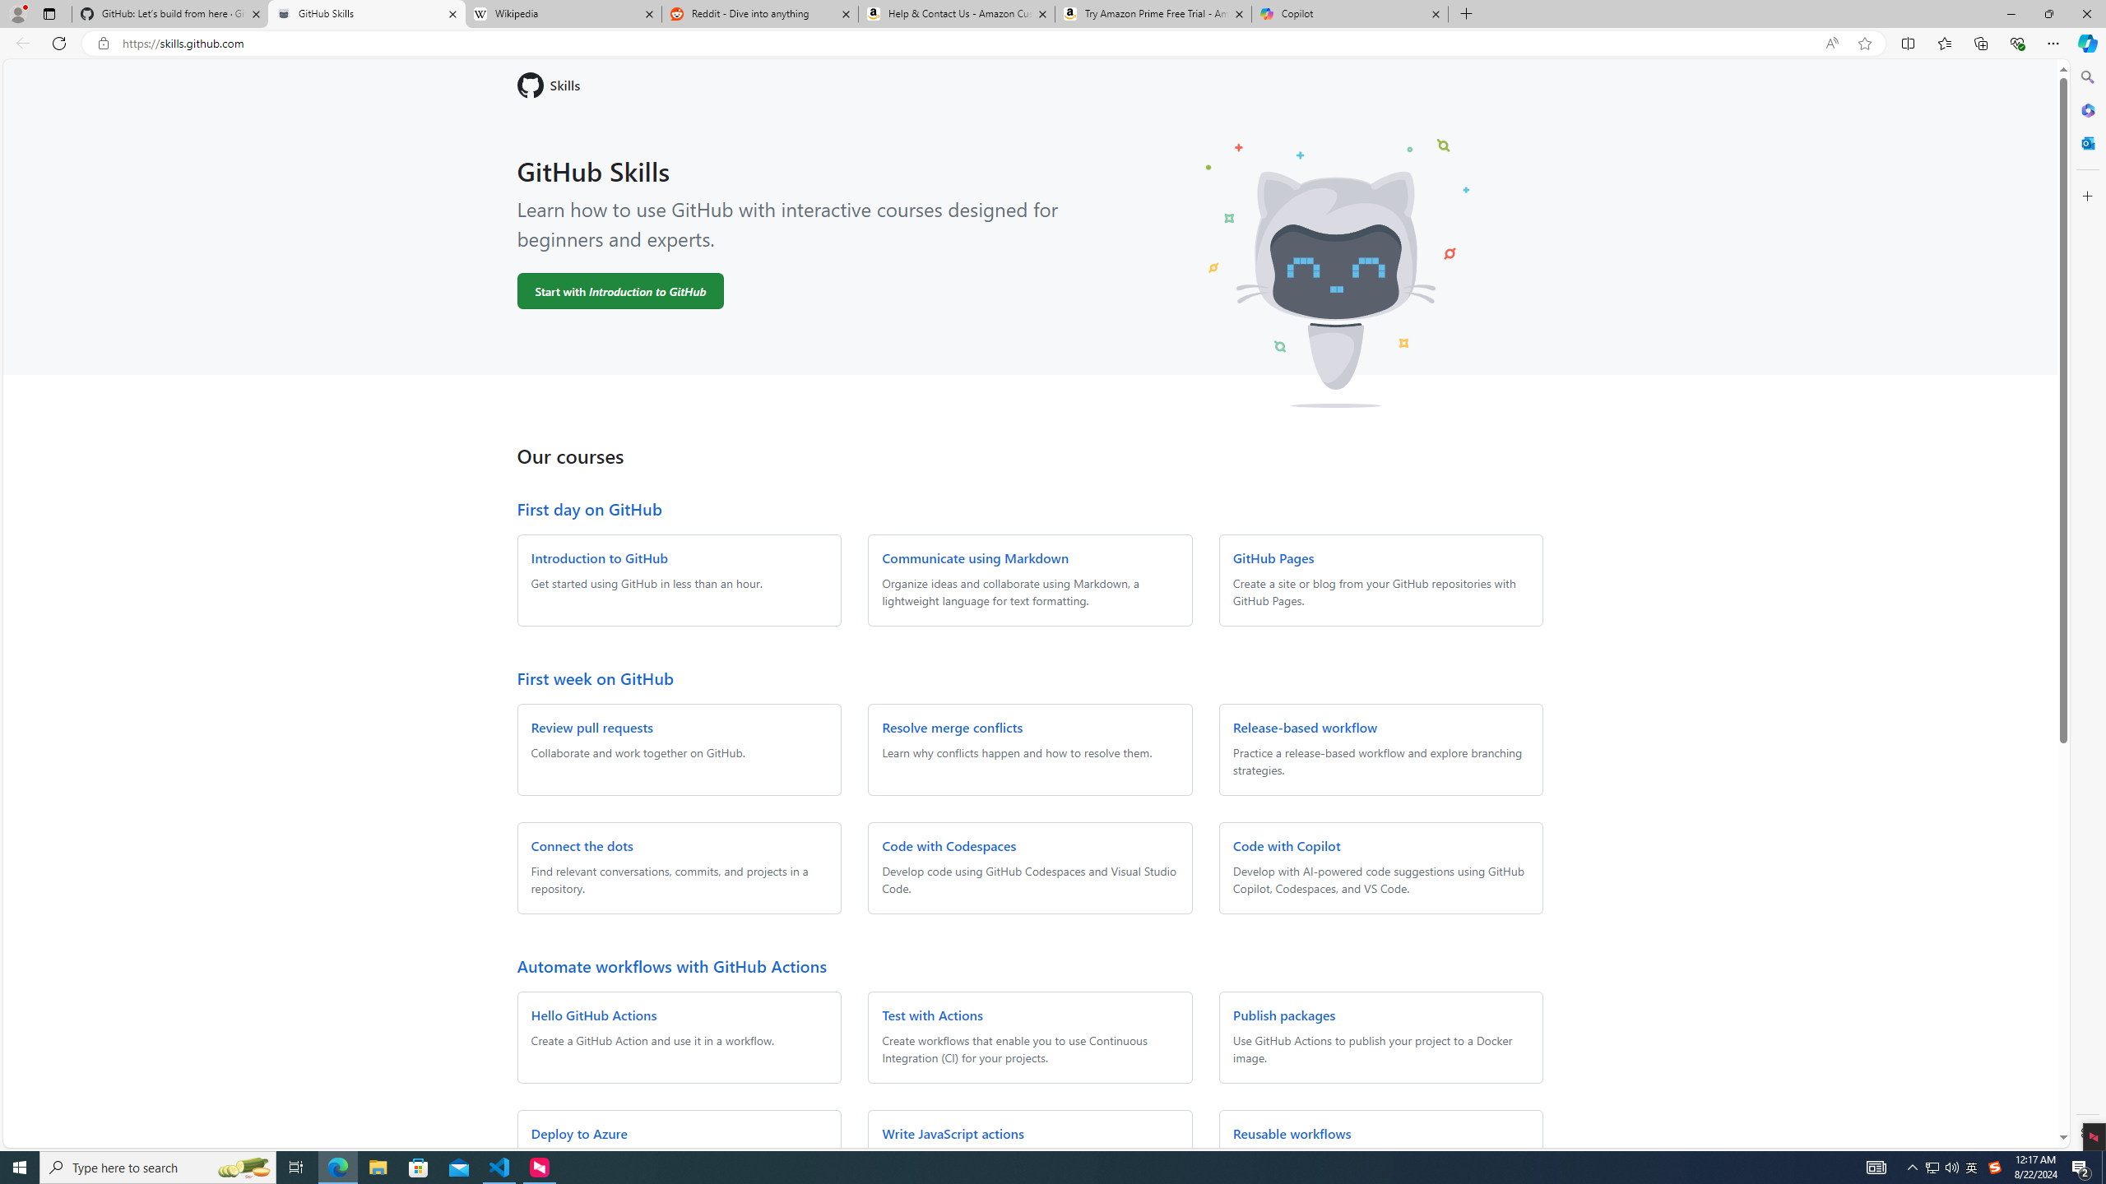 The image size is (2106, 1184). Describe the element at coordinates (975, 557) in the screenshot. I see `'Communicate using Markdown'` at that location.